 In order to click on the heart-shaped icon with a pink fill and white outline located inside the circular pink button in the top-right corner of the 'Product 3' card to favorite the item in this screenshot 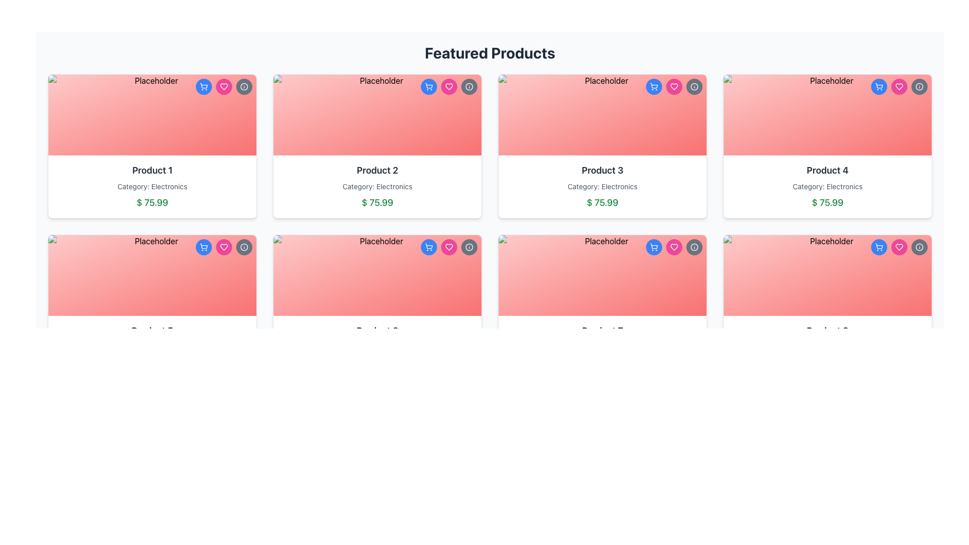, I will do `click(224, 247)`.